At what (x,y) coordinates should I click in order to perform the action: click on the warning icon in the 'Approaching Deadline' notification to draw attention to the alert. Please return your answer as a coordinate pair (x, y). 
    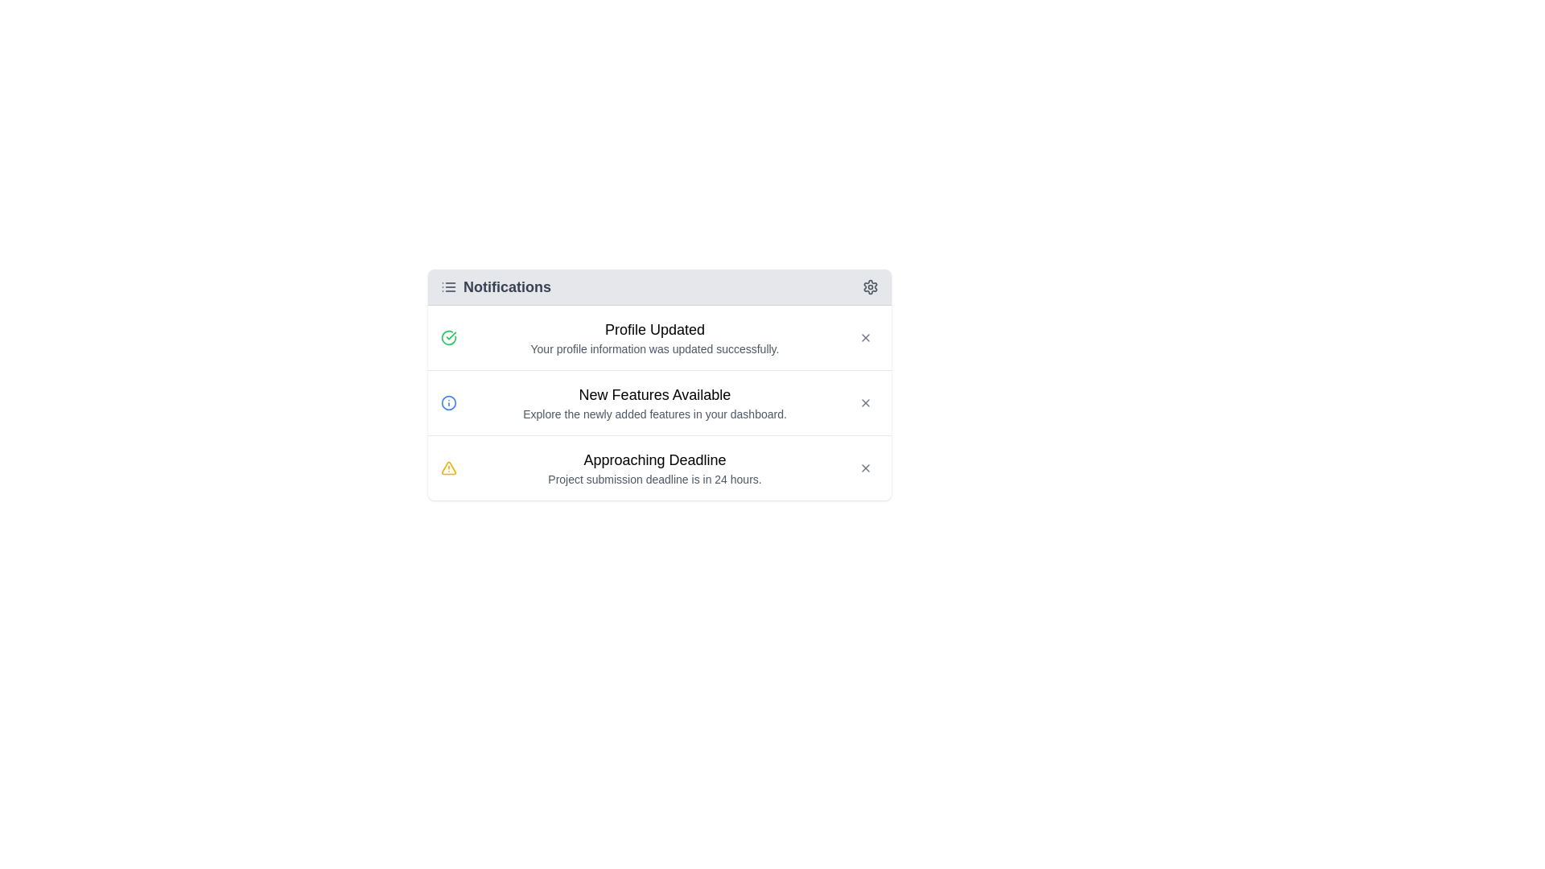
    Looking at the image, I should click on (448, 468).